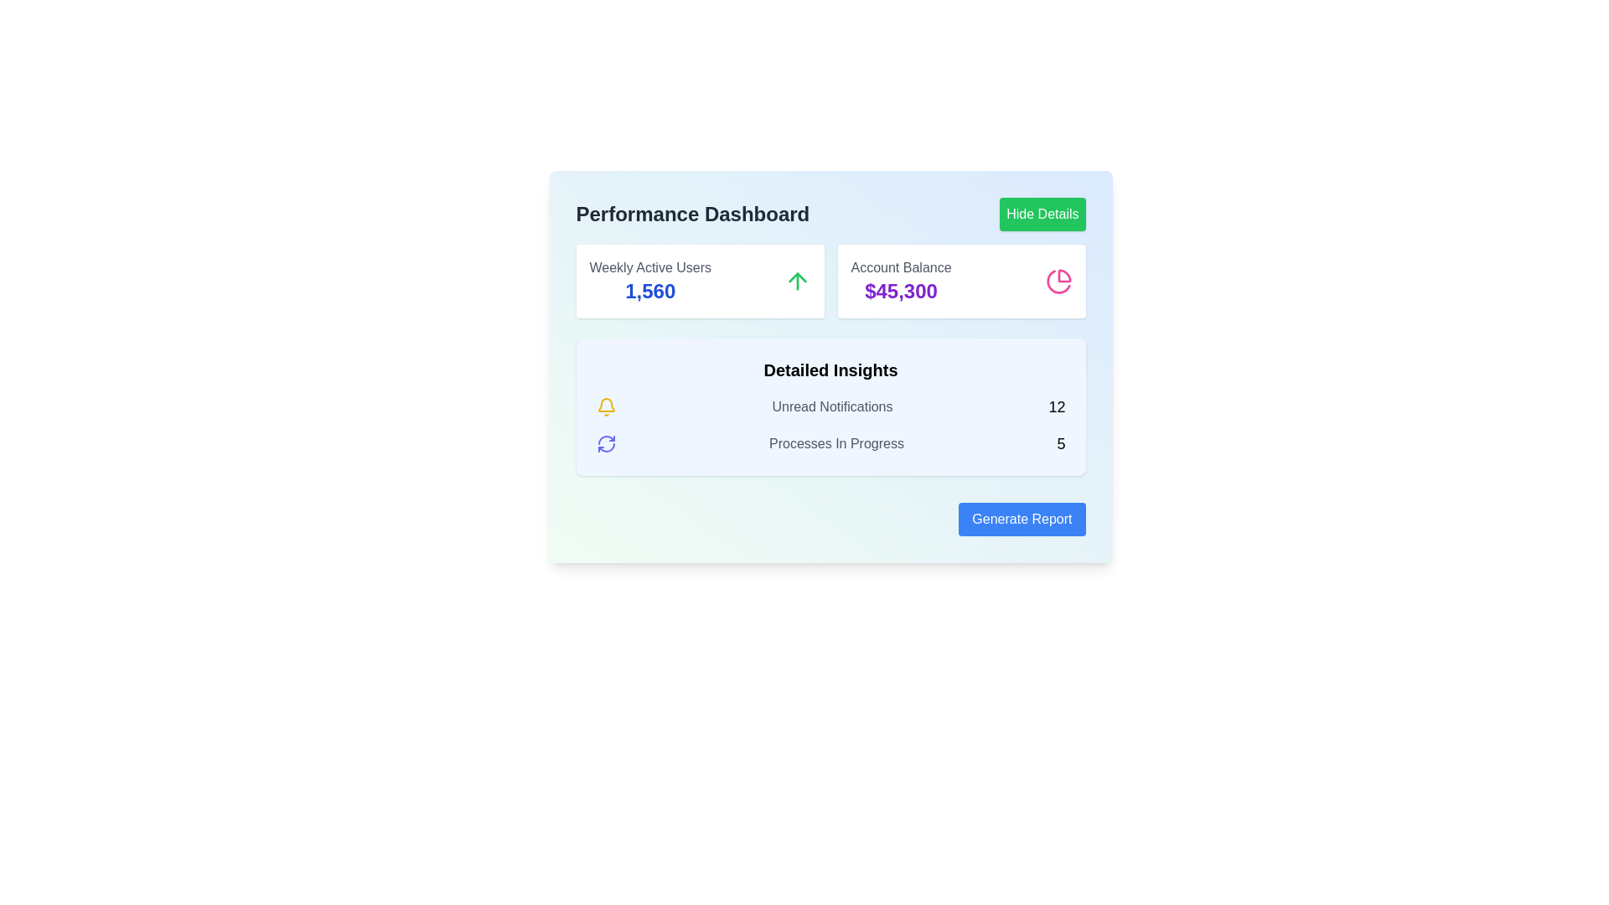  I want to click on the report generation button located at the bottom right of the main panel to observe the hover effect, so click(1021, 519).